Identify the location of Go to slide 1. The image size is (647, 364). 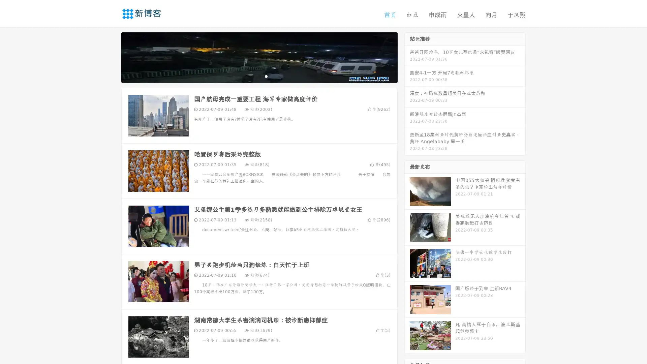
(252, 76).